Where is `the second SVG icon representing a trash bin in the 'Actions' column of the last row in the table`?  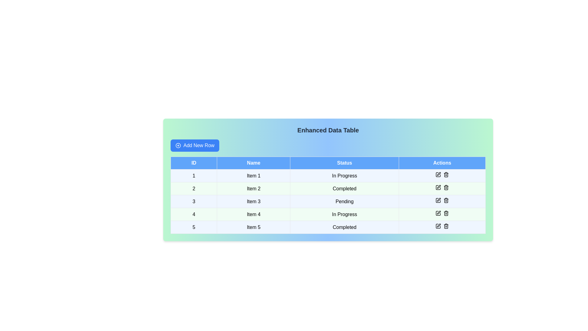
the second SVG icon representing a trash bin in the 'Actions' column of the last row in the table is located at coordinates (446, 226).